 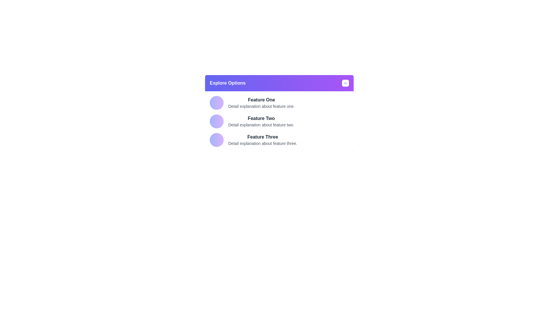 I want to click on descriptive information provided by the static text located below the 'Feature One' title, so click(x=261, y=106).